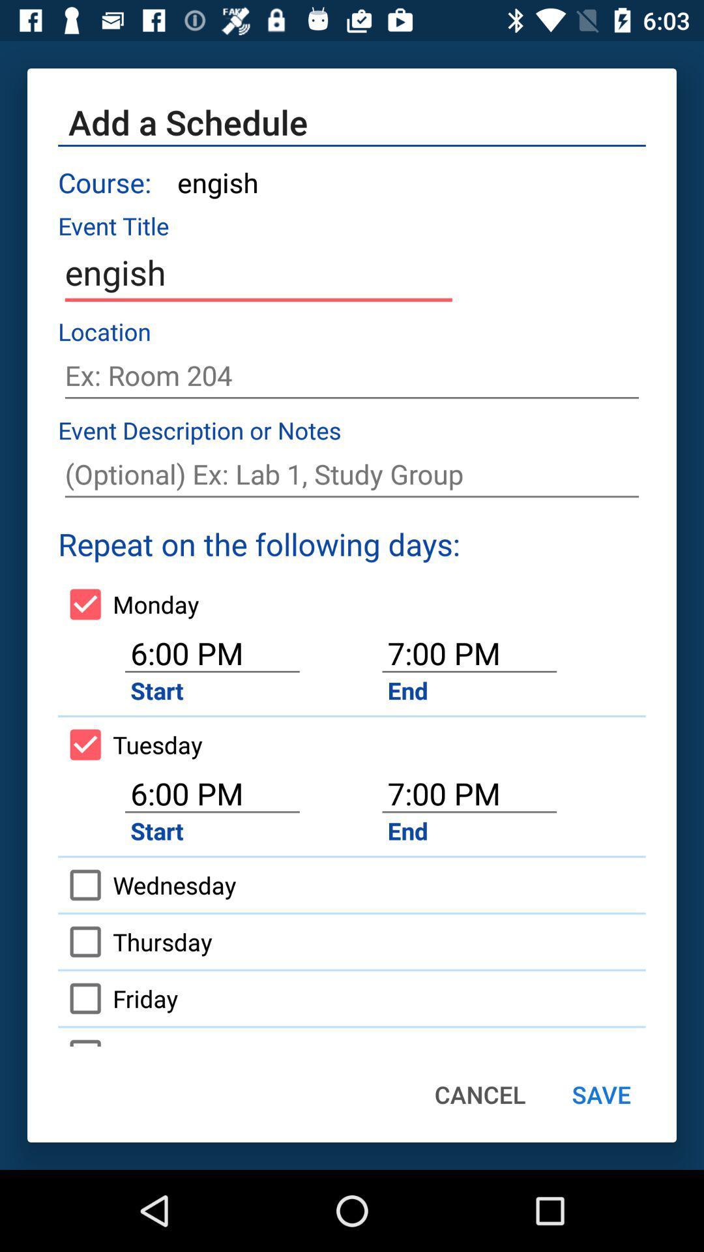 The image size is (704, 1252). Describe the element at coordinates (352, 473) in the screenshot. I see `note` at that location.